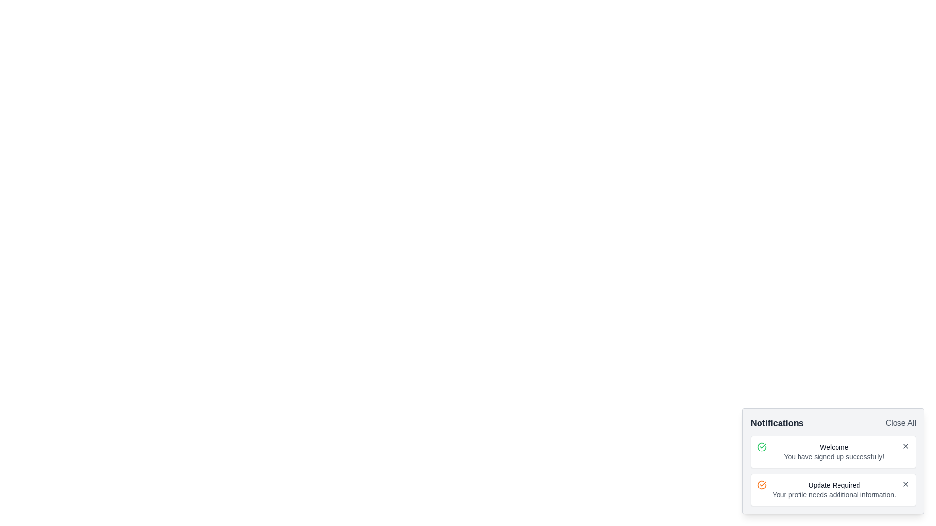  I want to click on the text label displaying 'Your profile needs additional information.' located below the title in the notification card labeled 'Update Required.', so click(834, 494).